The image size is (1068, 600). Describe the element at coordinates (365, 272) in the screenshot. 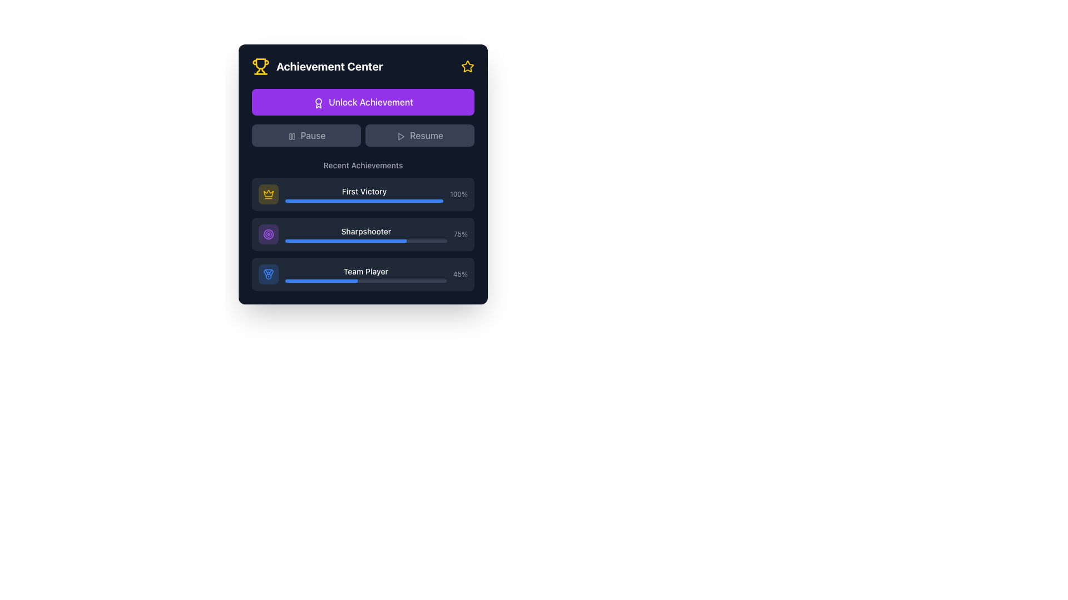

I see `the static text label of the third achievement in the achievement center section, which identifies the associated achievement` at that location.